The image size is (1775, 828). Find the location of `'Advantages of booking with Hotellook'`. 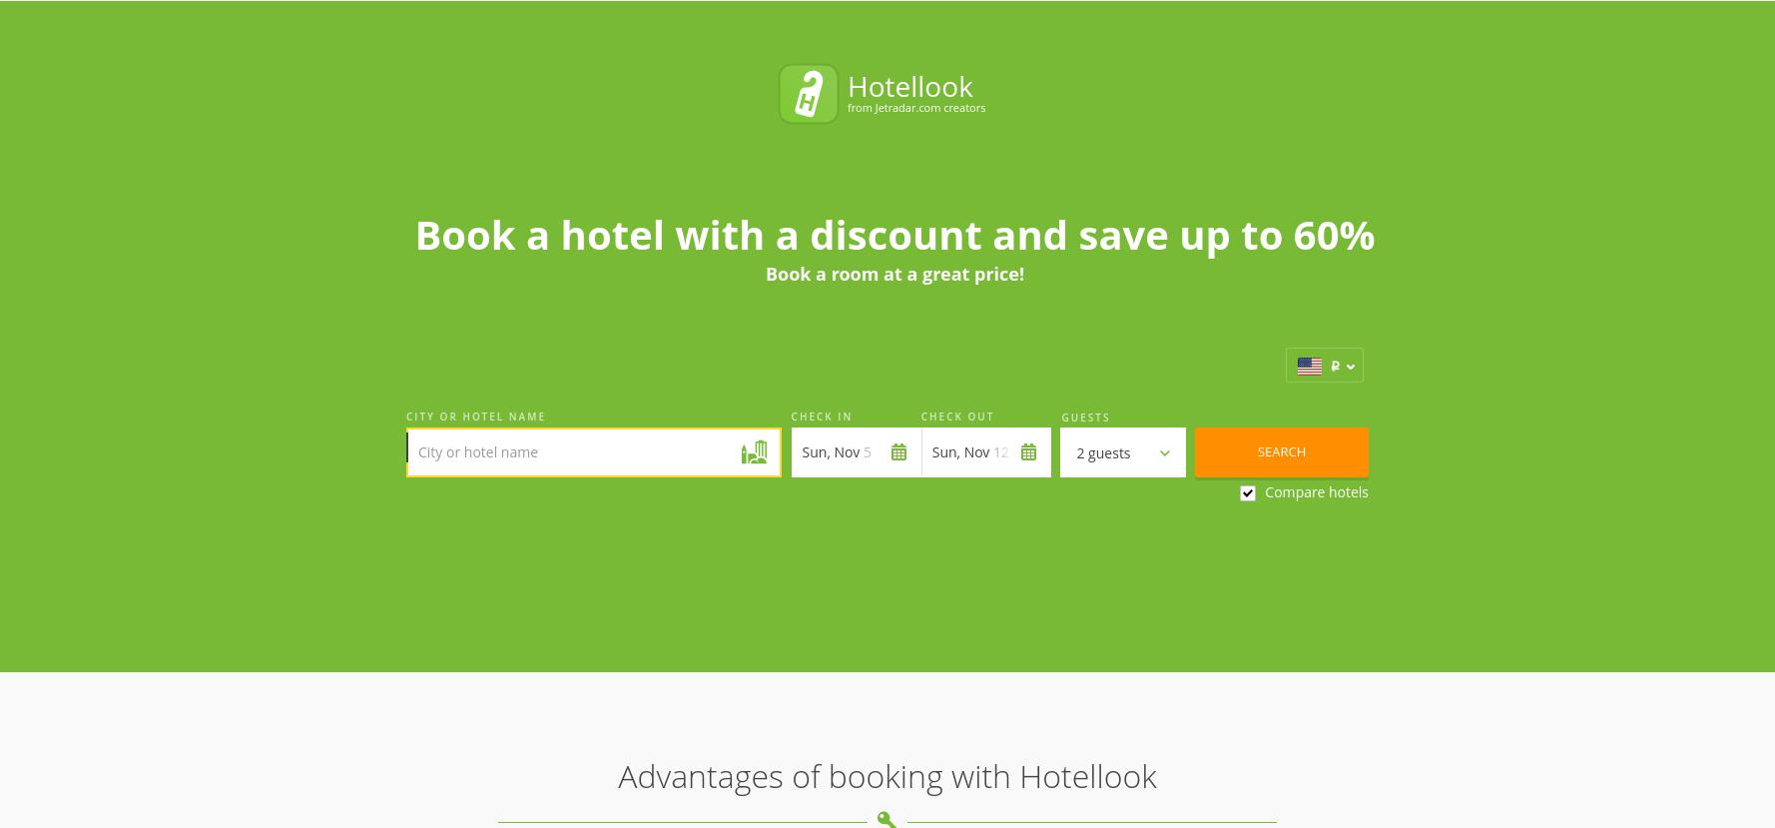

'Advantages of booking with Hotellook' is located at coordinates (886, 287).